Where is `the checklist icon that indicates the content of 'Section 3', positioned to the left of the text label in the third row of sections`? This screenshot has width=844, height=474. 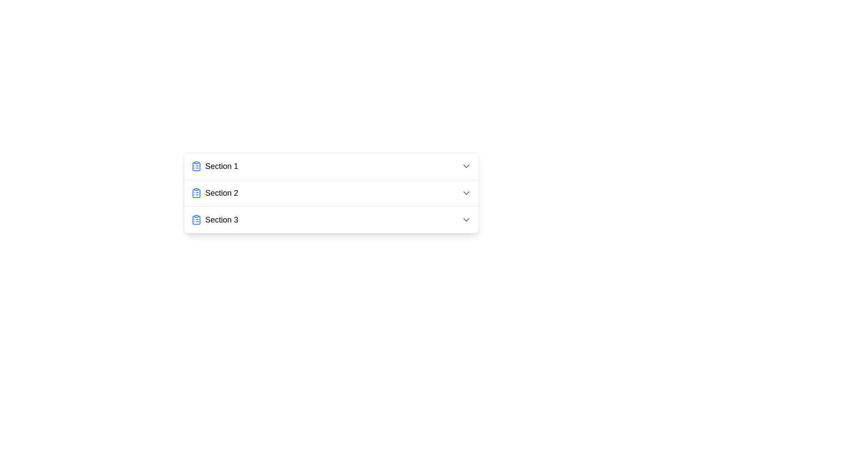
the checklist icon that indicates the content of 'Section 3', positioned to the left of the text label in the third row of sections is located at coordinates (196, 219).